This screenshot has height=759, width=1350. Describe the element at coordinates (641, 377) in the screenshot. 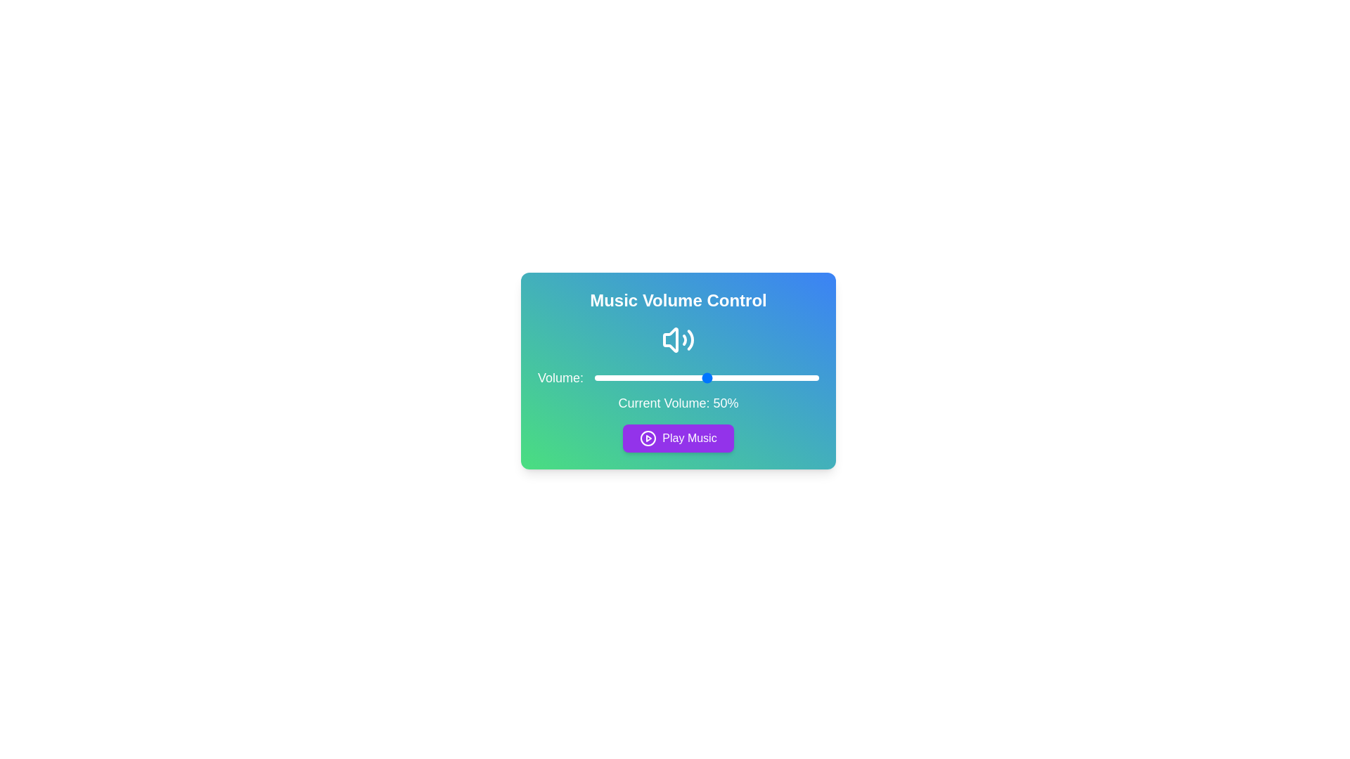

I see `the volume slider to set the volume to 21%` at that location.